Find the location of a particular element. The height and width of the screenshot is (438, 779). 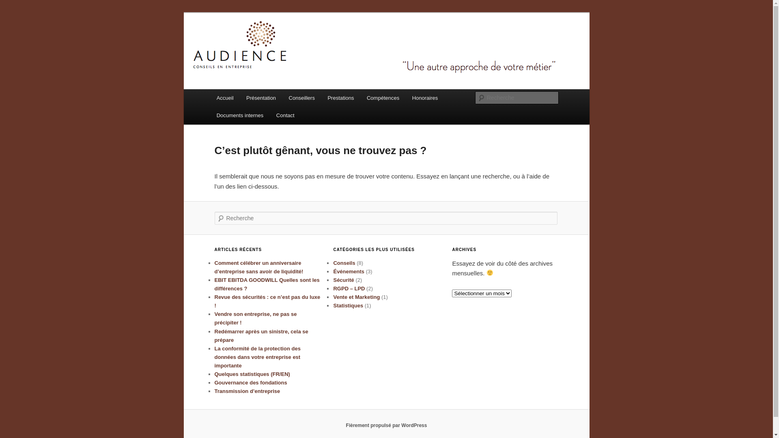

'Aller au contenu principal' is located at coordinates (12, 12).